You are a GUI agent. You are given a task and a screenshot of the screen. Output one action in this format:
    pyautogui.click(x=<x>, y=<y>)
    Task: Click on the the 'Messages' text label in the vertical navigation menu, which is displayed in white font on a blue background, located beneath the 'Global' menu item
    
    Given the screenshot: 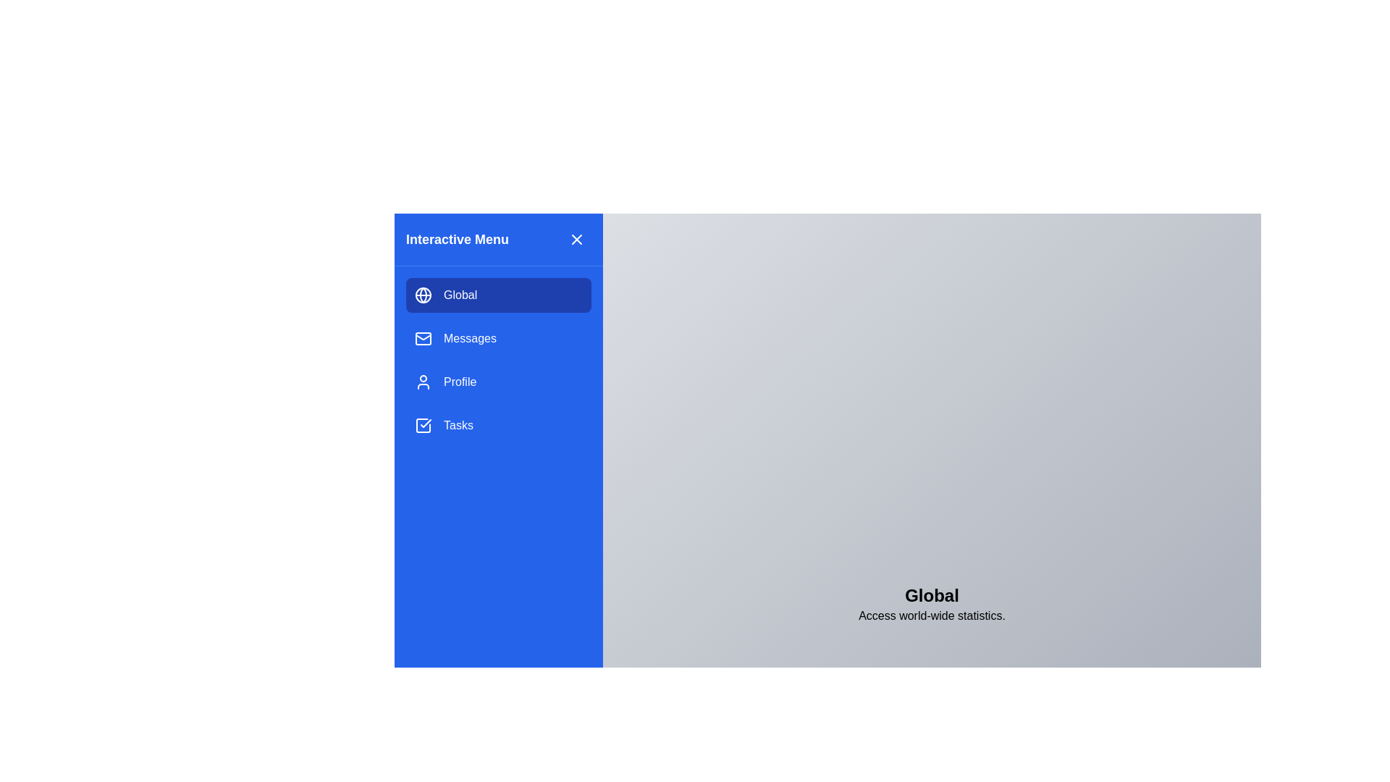 What is the action you would take?
    pyautogui.click(x=470, y=338)
    